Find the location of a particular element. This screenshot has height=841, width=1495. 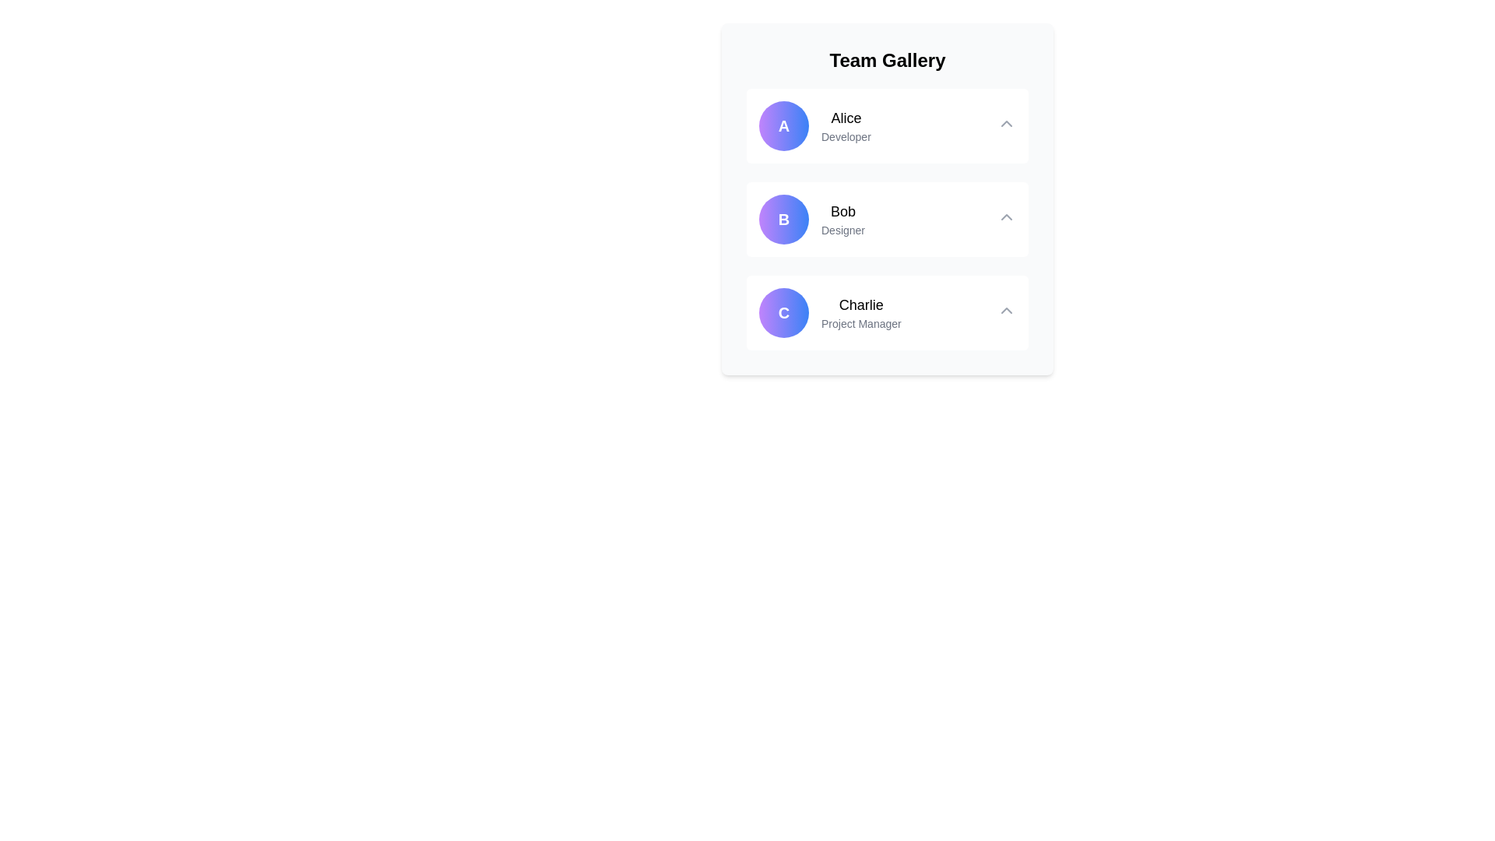

the upward arrow icon on the card for 'Charlie' in the 'Team Gallery' is located at coordinates (888, 312).